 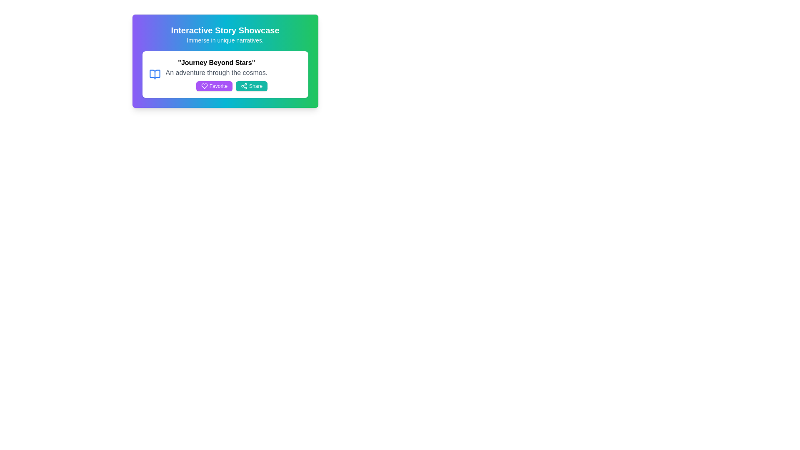 I want to click on the sharing icon located to the left of the 'Share' text in the bottom-right corner of the green background section, so click(x=243, y=86).